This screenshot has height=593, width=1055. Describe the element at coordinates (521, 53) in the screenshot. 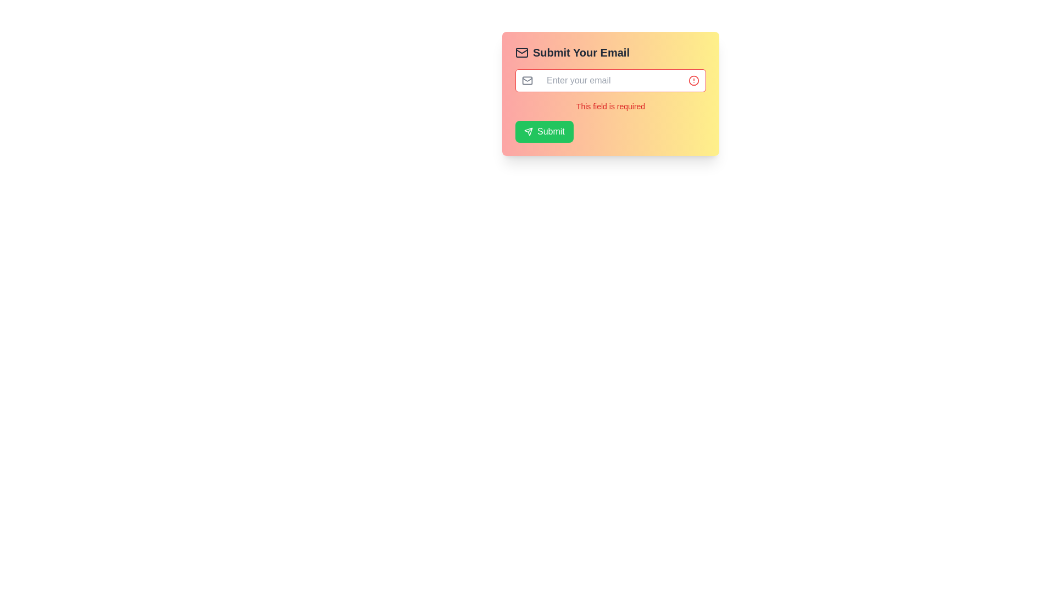

I see `the black outlined envelope icon positioned to the left of the 'Submit Your Email' text` at that location.